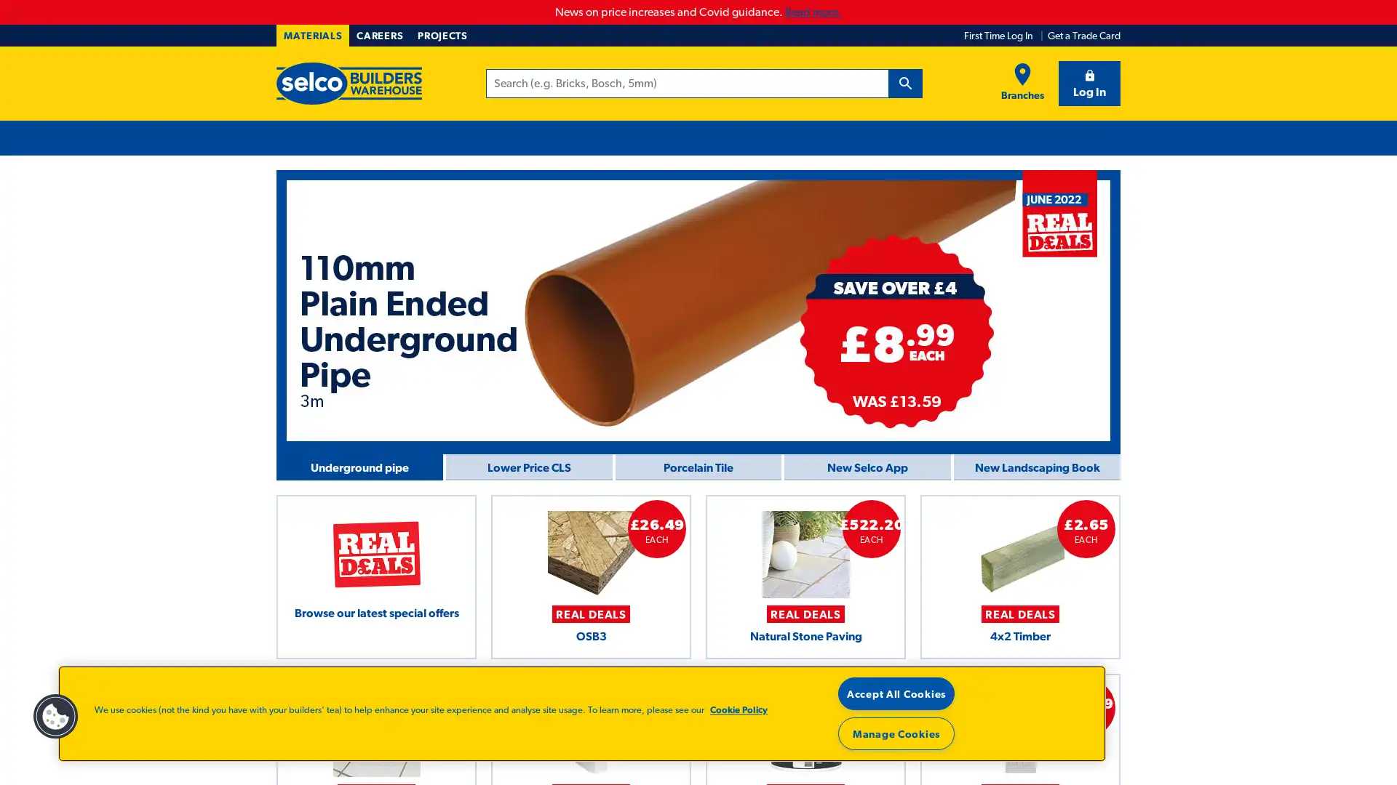 The width and height of the screenshot is (1397, 785). Describe the element at coordinates (55, 716) in the screenshot. I see `Cookies` at that location.